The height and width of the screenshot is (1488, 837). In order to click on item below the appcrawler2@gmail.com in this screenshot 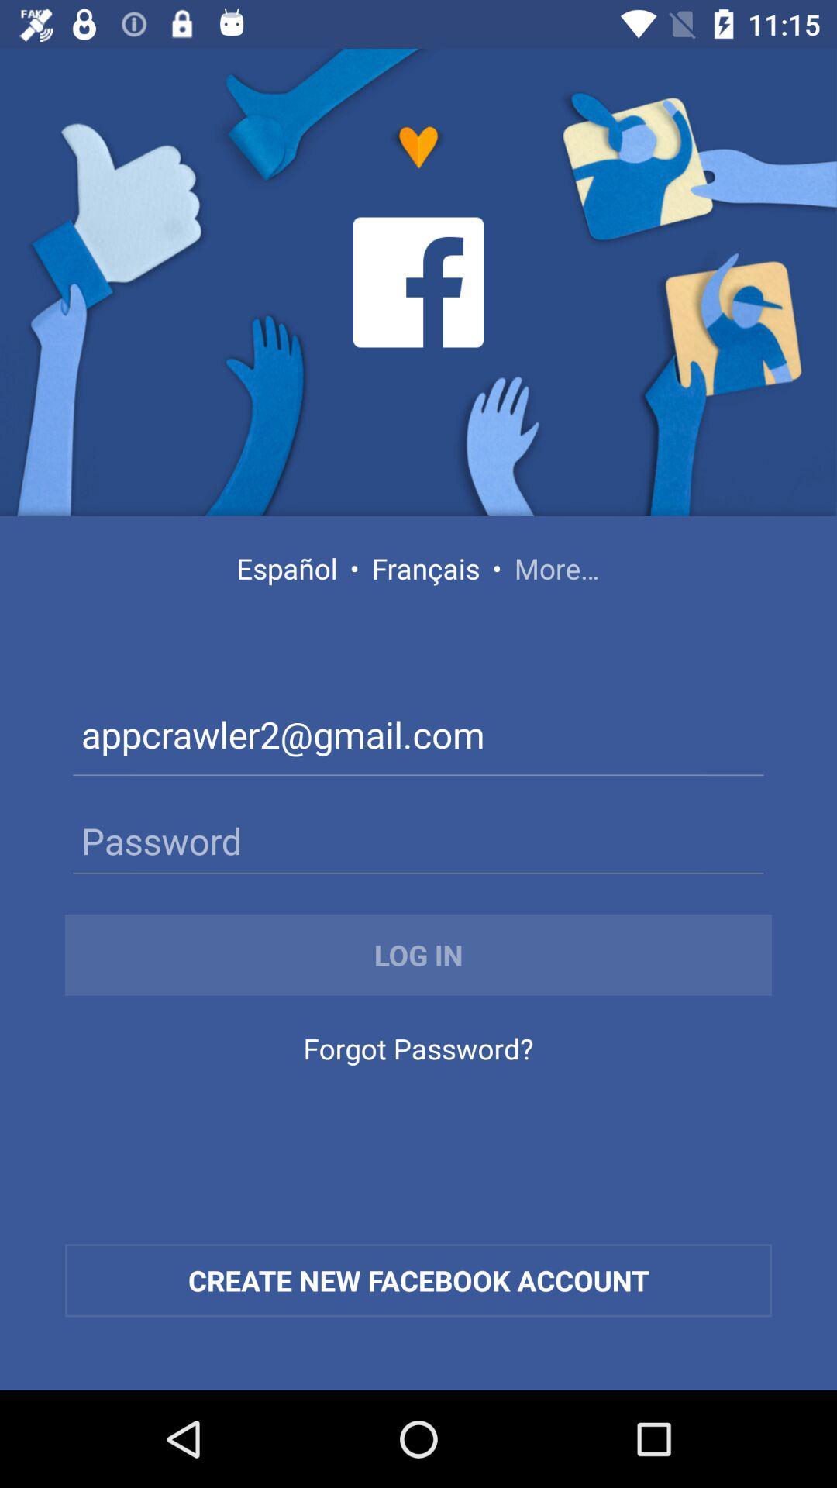, I will do `click(418, 839)`.